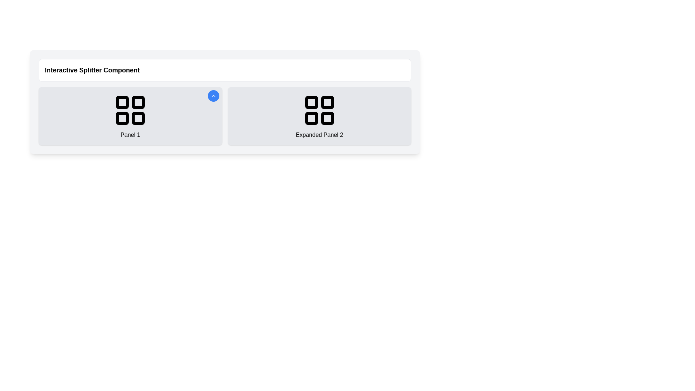  I want to click on the small rectangle with rounded corners located in the bottom-left position of the 'Expanded Panel 2' section's 2x2 grid, so click(311, 118).